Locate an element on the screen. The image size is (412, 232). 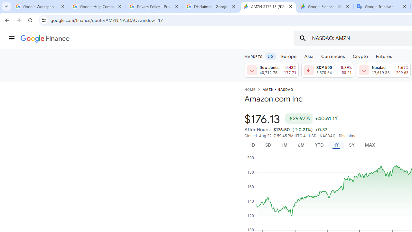
'Disclaimer' is located at coordinates (348, 135).